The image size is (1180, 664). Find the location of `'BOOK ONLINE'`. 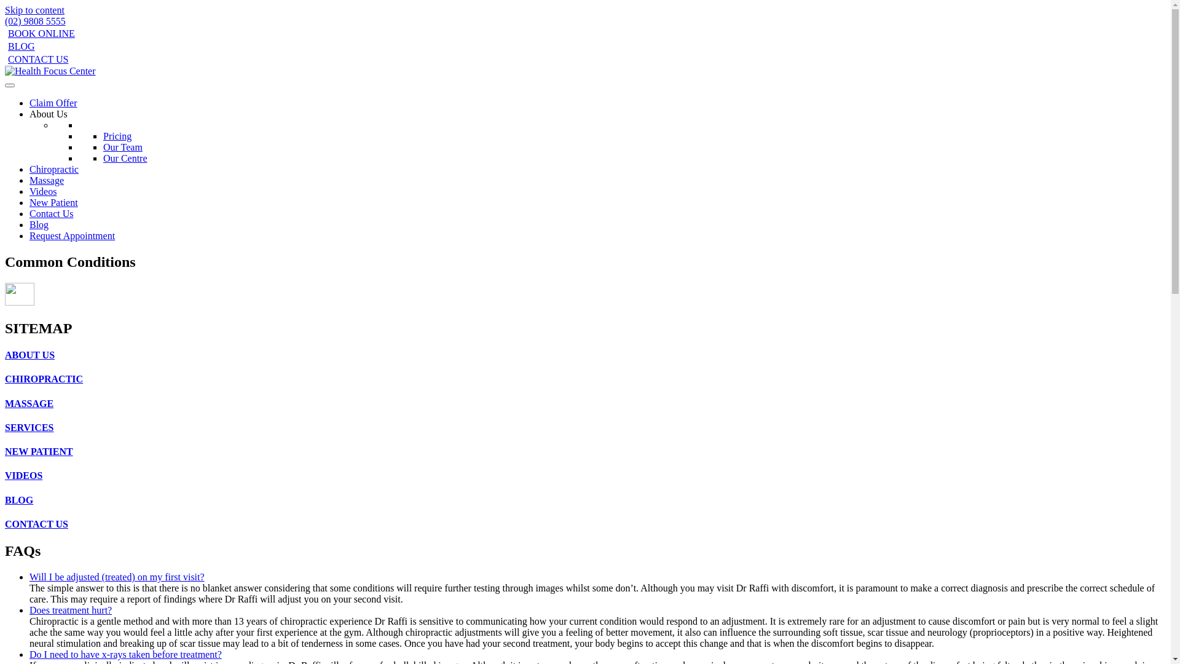

'BOOK ONLINE' is located at coordinates (40, 33).